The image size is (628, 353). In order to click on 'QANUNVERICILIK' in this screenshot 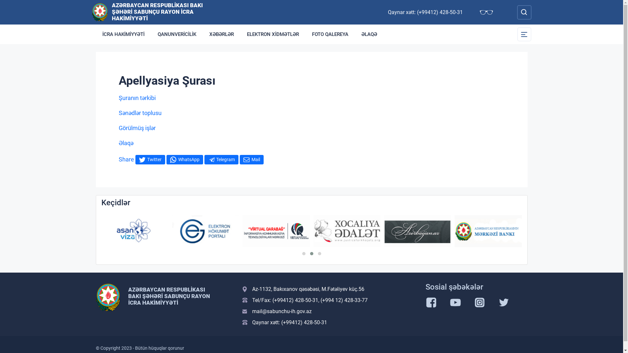, I will do `click(177, 34)`.